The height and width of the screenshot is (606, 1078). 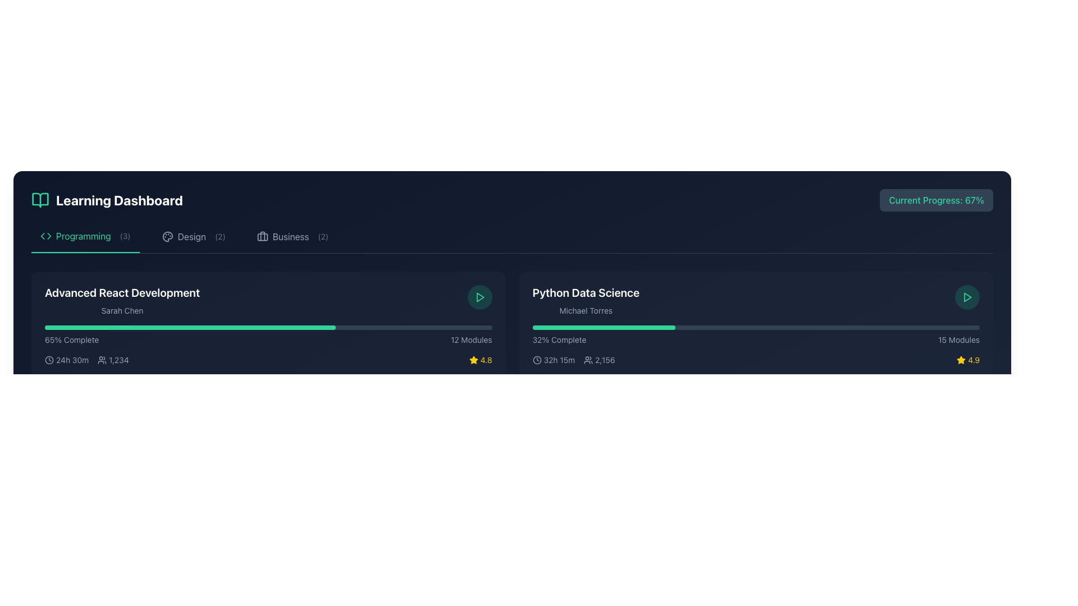 What do you see at coordinates (559, 339) in the screenshot?
I see `progress percentage information from the text label indicating the completion status of the 'Python Data Science' course, which is positioned below the course title and instructor name, to the left of the '15 Modules' text` at bounding box center [559, 339].